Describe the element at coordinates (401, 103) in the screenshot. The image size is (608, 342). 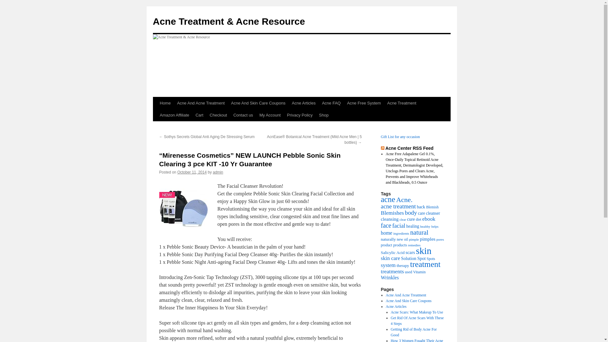
I see `'Acne Treatment'` at that location.